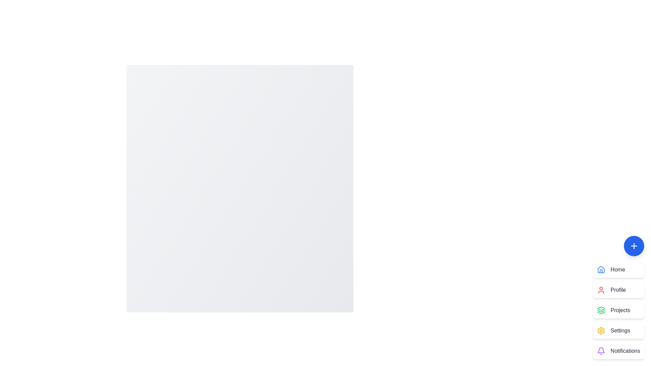  I want to click on blue circular button with the plus icon to toggle the visibility of the speed dial options, so click(634, 246).